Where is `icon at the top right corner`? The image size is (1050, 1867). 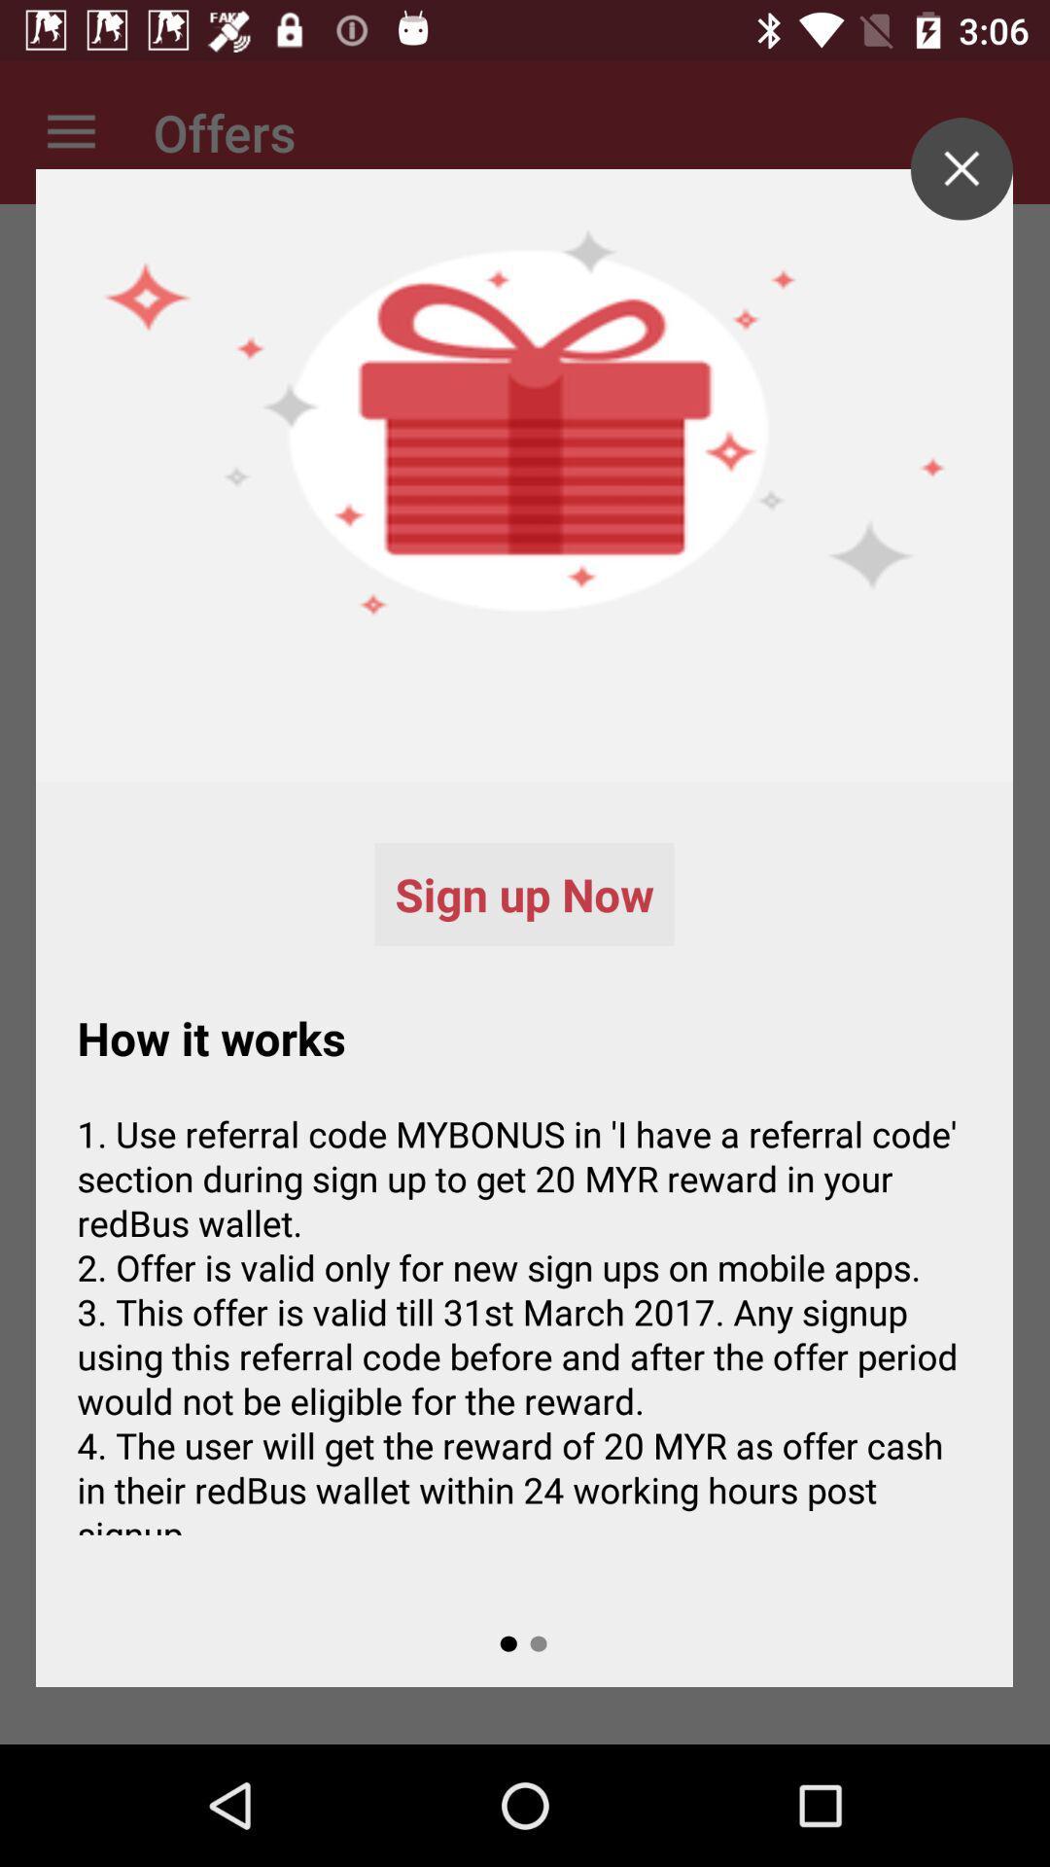 icon at the top right corner is located at coordinates (961, 168).